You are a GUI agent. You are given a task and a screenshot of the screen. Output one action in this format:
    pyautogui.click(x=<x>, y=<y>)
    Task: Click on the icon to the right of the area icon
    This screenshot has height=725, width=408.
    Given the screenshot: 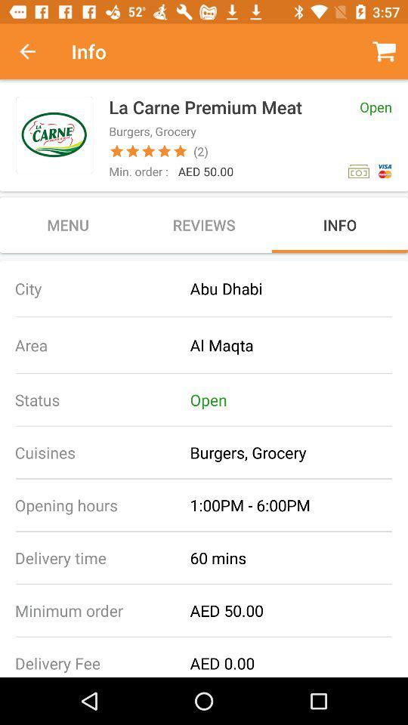 What is the action you would take?
    pyautogui.click(x=298, y=345)
    